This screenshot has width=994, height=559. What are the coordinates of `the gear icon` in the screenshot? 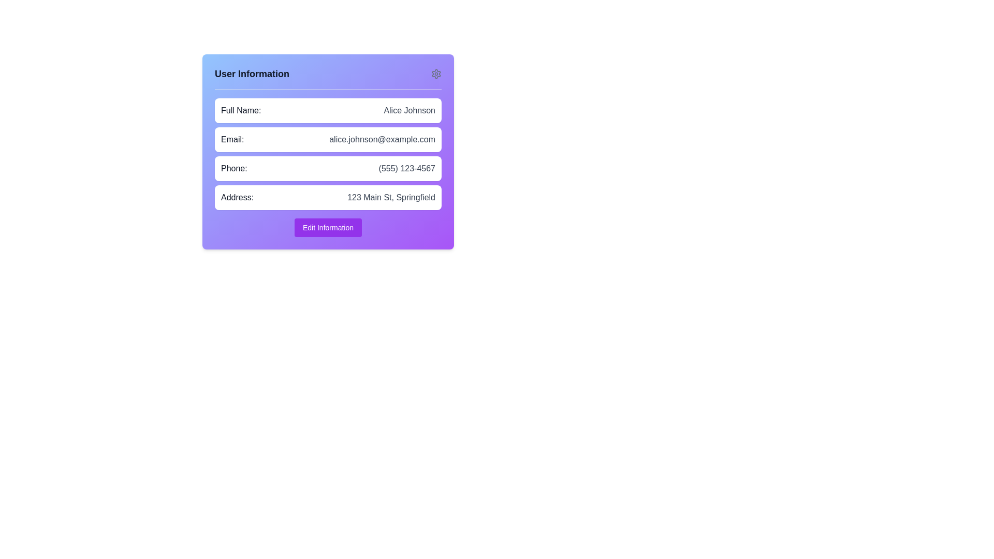 It's located at (436, 73).